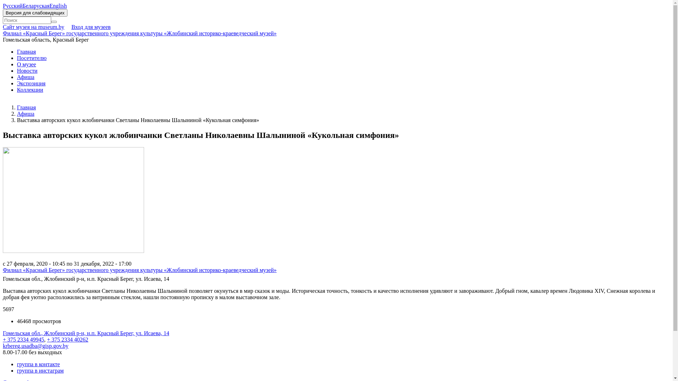 This screenshot has height=381, width=678. I want to click on '+ 375 2334 49945', so click(23, 339).